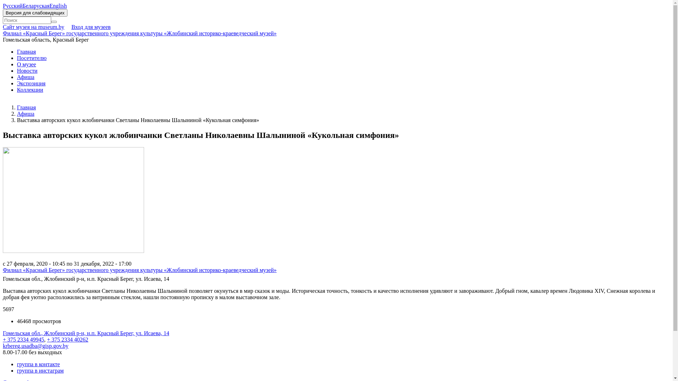 This screenshot has height=381, width=678. I want to click on '+ 375 2334 49945', so click(23, 339).